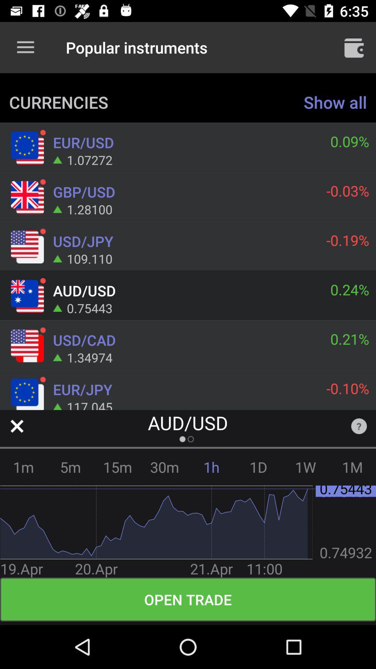 The width and height of the screenshot is (376, 669). What do you see at coordinates (354, 47) in the screenshot?
I see `the item to the right of the popular instruments icon` at bounding box center [354, 47].